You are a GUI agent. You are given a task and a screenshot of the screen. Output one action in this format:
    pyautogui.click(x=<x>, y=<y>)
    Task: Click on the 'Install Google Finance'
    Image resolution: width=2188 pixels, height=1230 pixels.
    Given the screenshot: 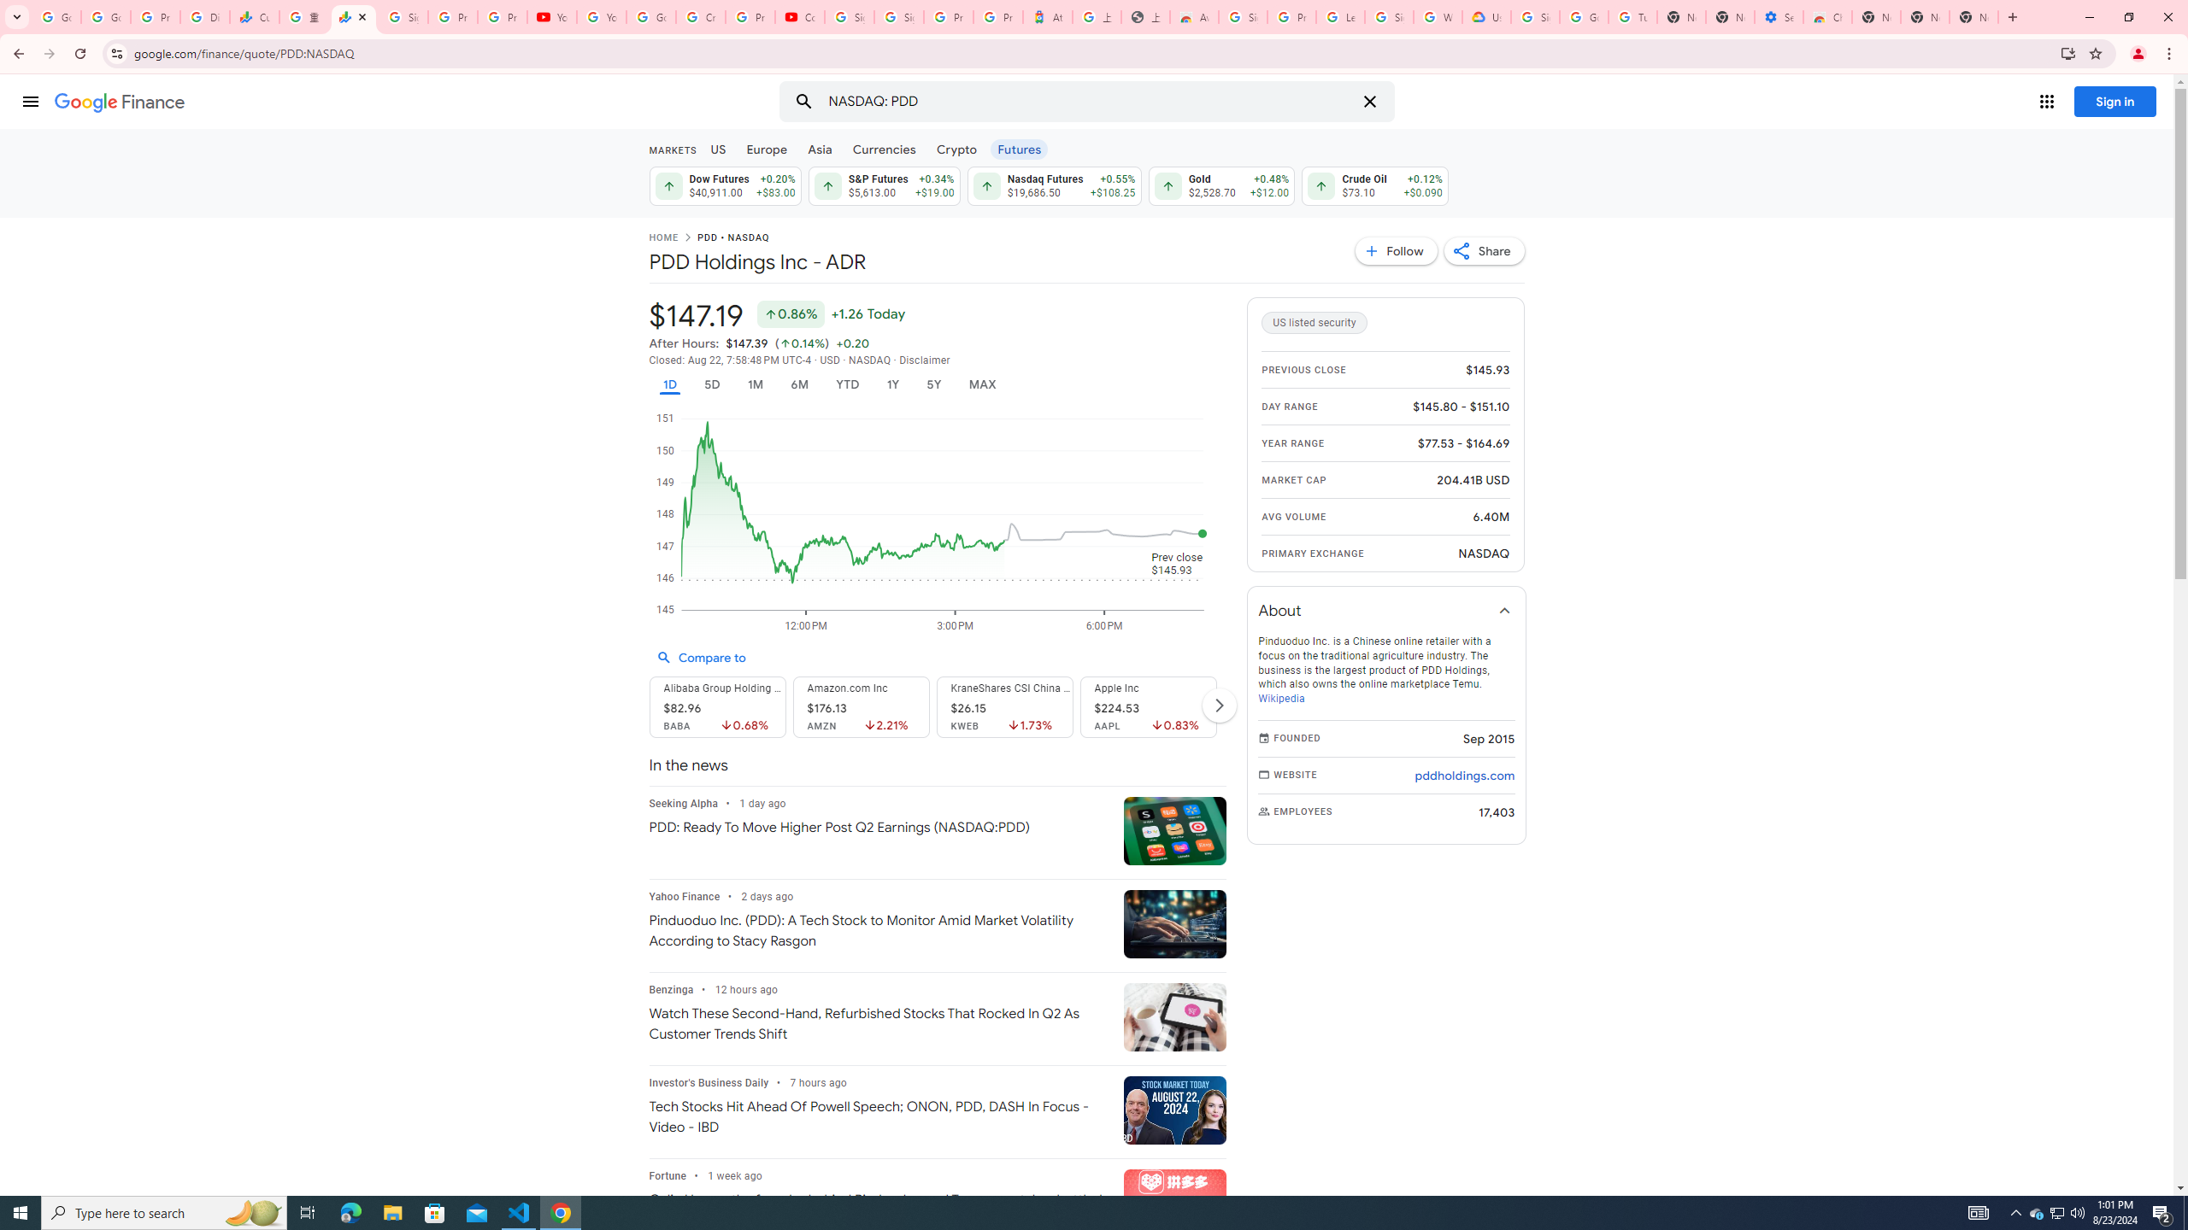 What is the action you would take?
    pyautogui.click(x=2068, y=52)
    